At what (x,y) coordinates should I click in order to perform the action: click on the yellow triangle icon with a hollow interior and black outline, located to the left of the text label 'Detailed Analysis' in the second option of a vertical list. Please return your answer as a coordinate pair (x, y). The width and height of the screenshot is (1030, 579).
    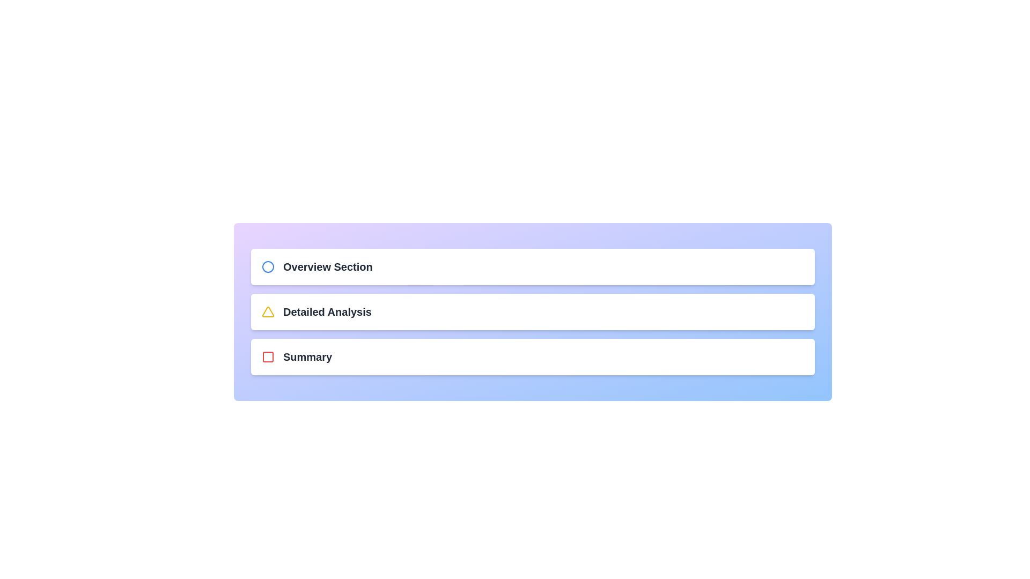
    Looking at the image, I should click on (268, 312).